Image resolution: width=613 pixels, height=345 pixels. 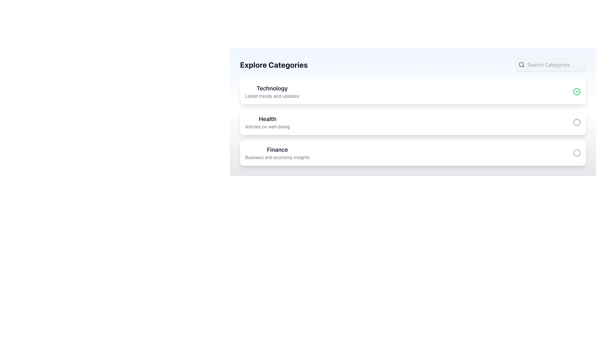 What do you see at coordinates (272, 91) in the screenshot?
I see `the first text block in the vertically stacked list of items, which provides information related to the 'Technology' category and is located within a white rectangular card with rounded corners` at bounding box center [272, 91].